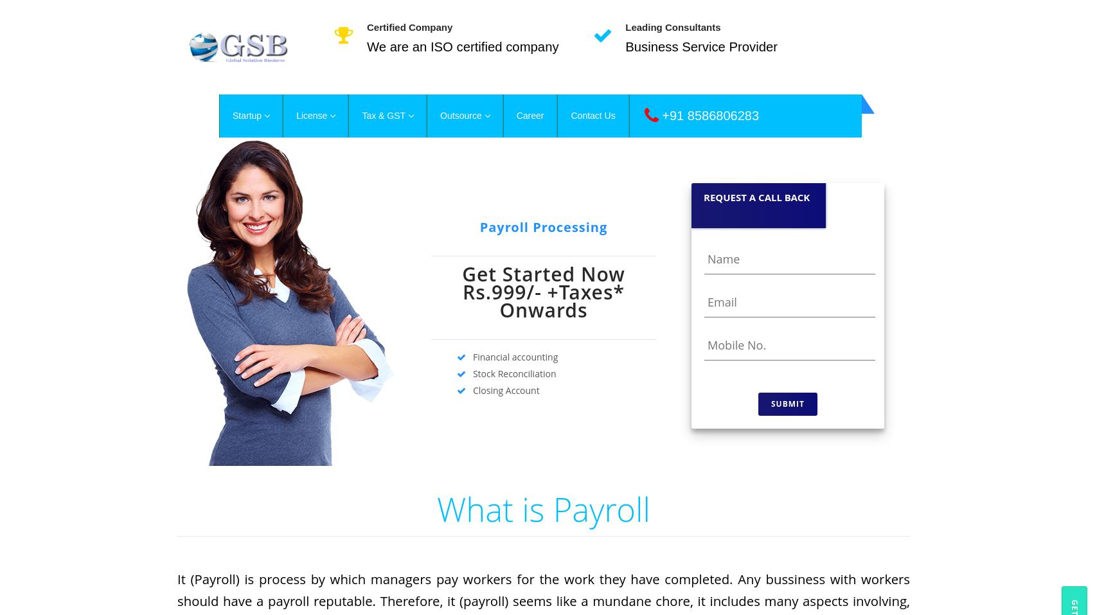  Describe the element at coordinates (510, 373) in the screenshot. I see `'Stock Reconciliation'` at that location.